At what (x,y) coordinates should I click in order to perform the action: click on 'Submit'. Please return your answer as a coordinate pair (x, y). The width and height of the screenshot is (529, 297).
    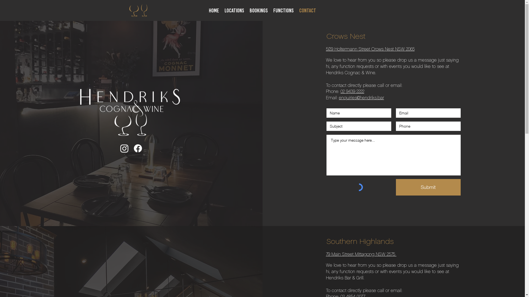
    Looking at the image, I should click on (428, 187).